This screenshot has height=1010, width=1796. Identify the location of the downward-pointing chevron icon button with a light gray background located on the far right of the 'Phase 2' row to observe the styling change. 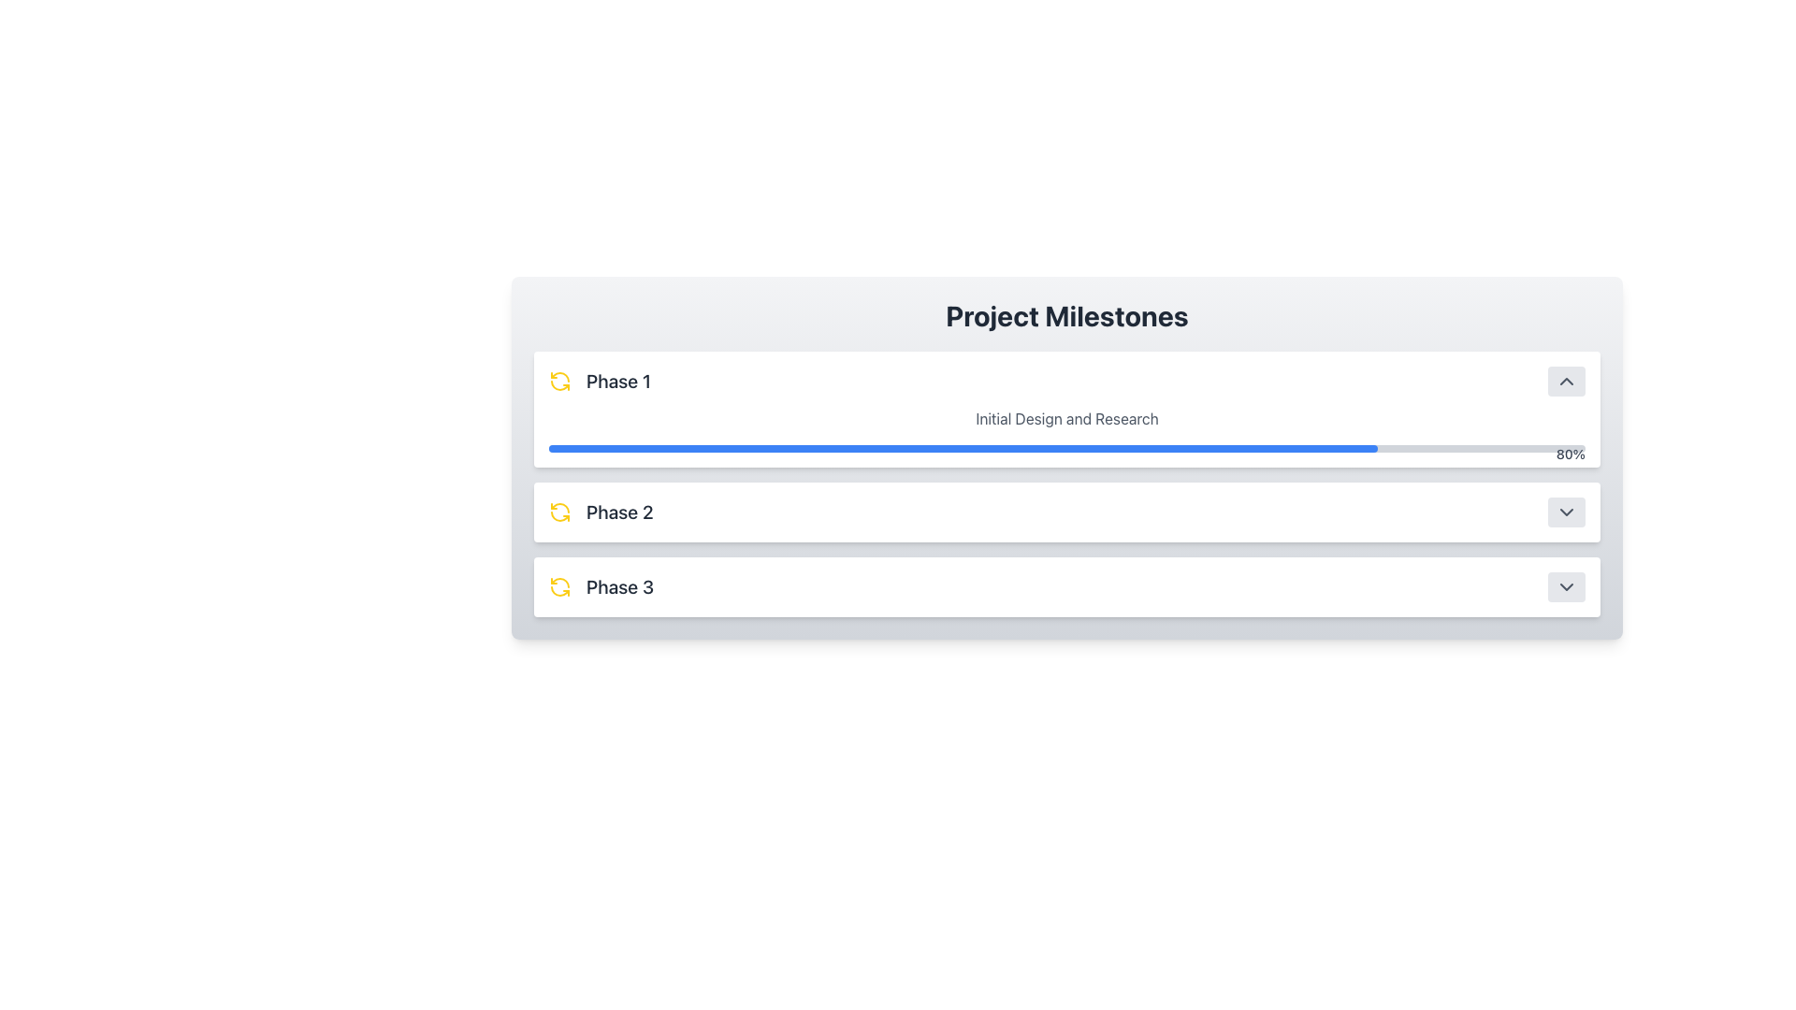
(1567, 512).